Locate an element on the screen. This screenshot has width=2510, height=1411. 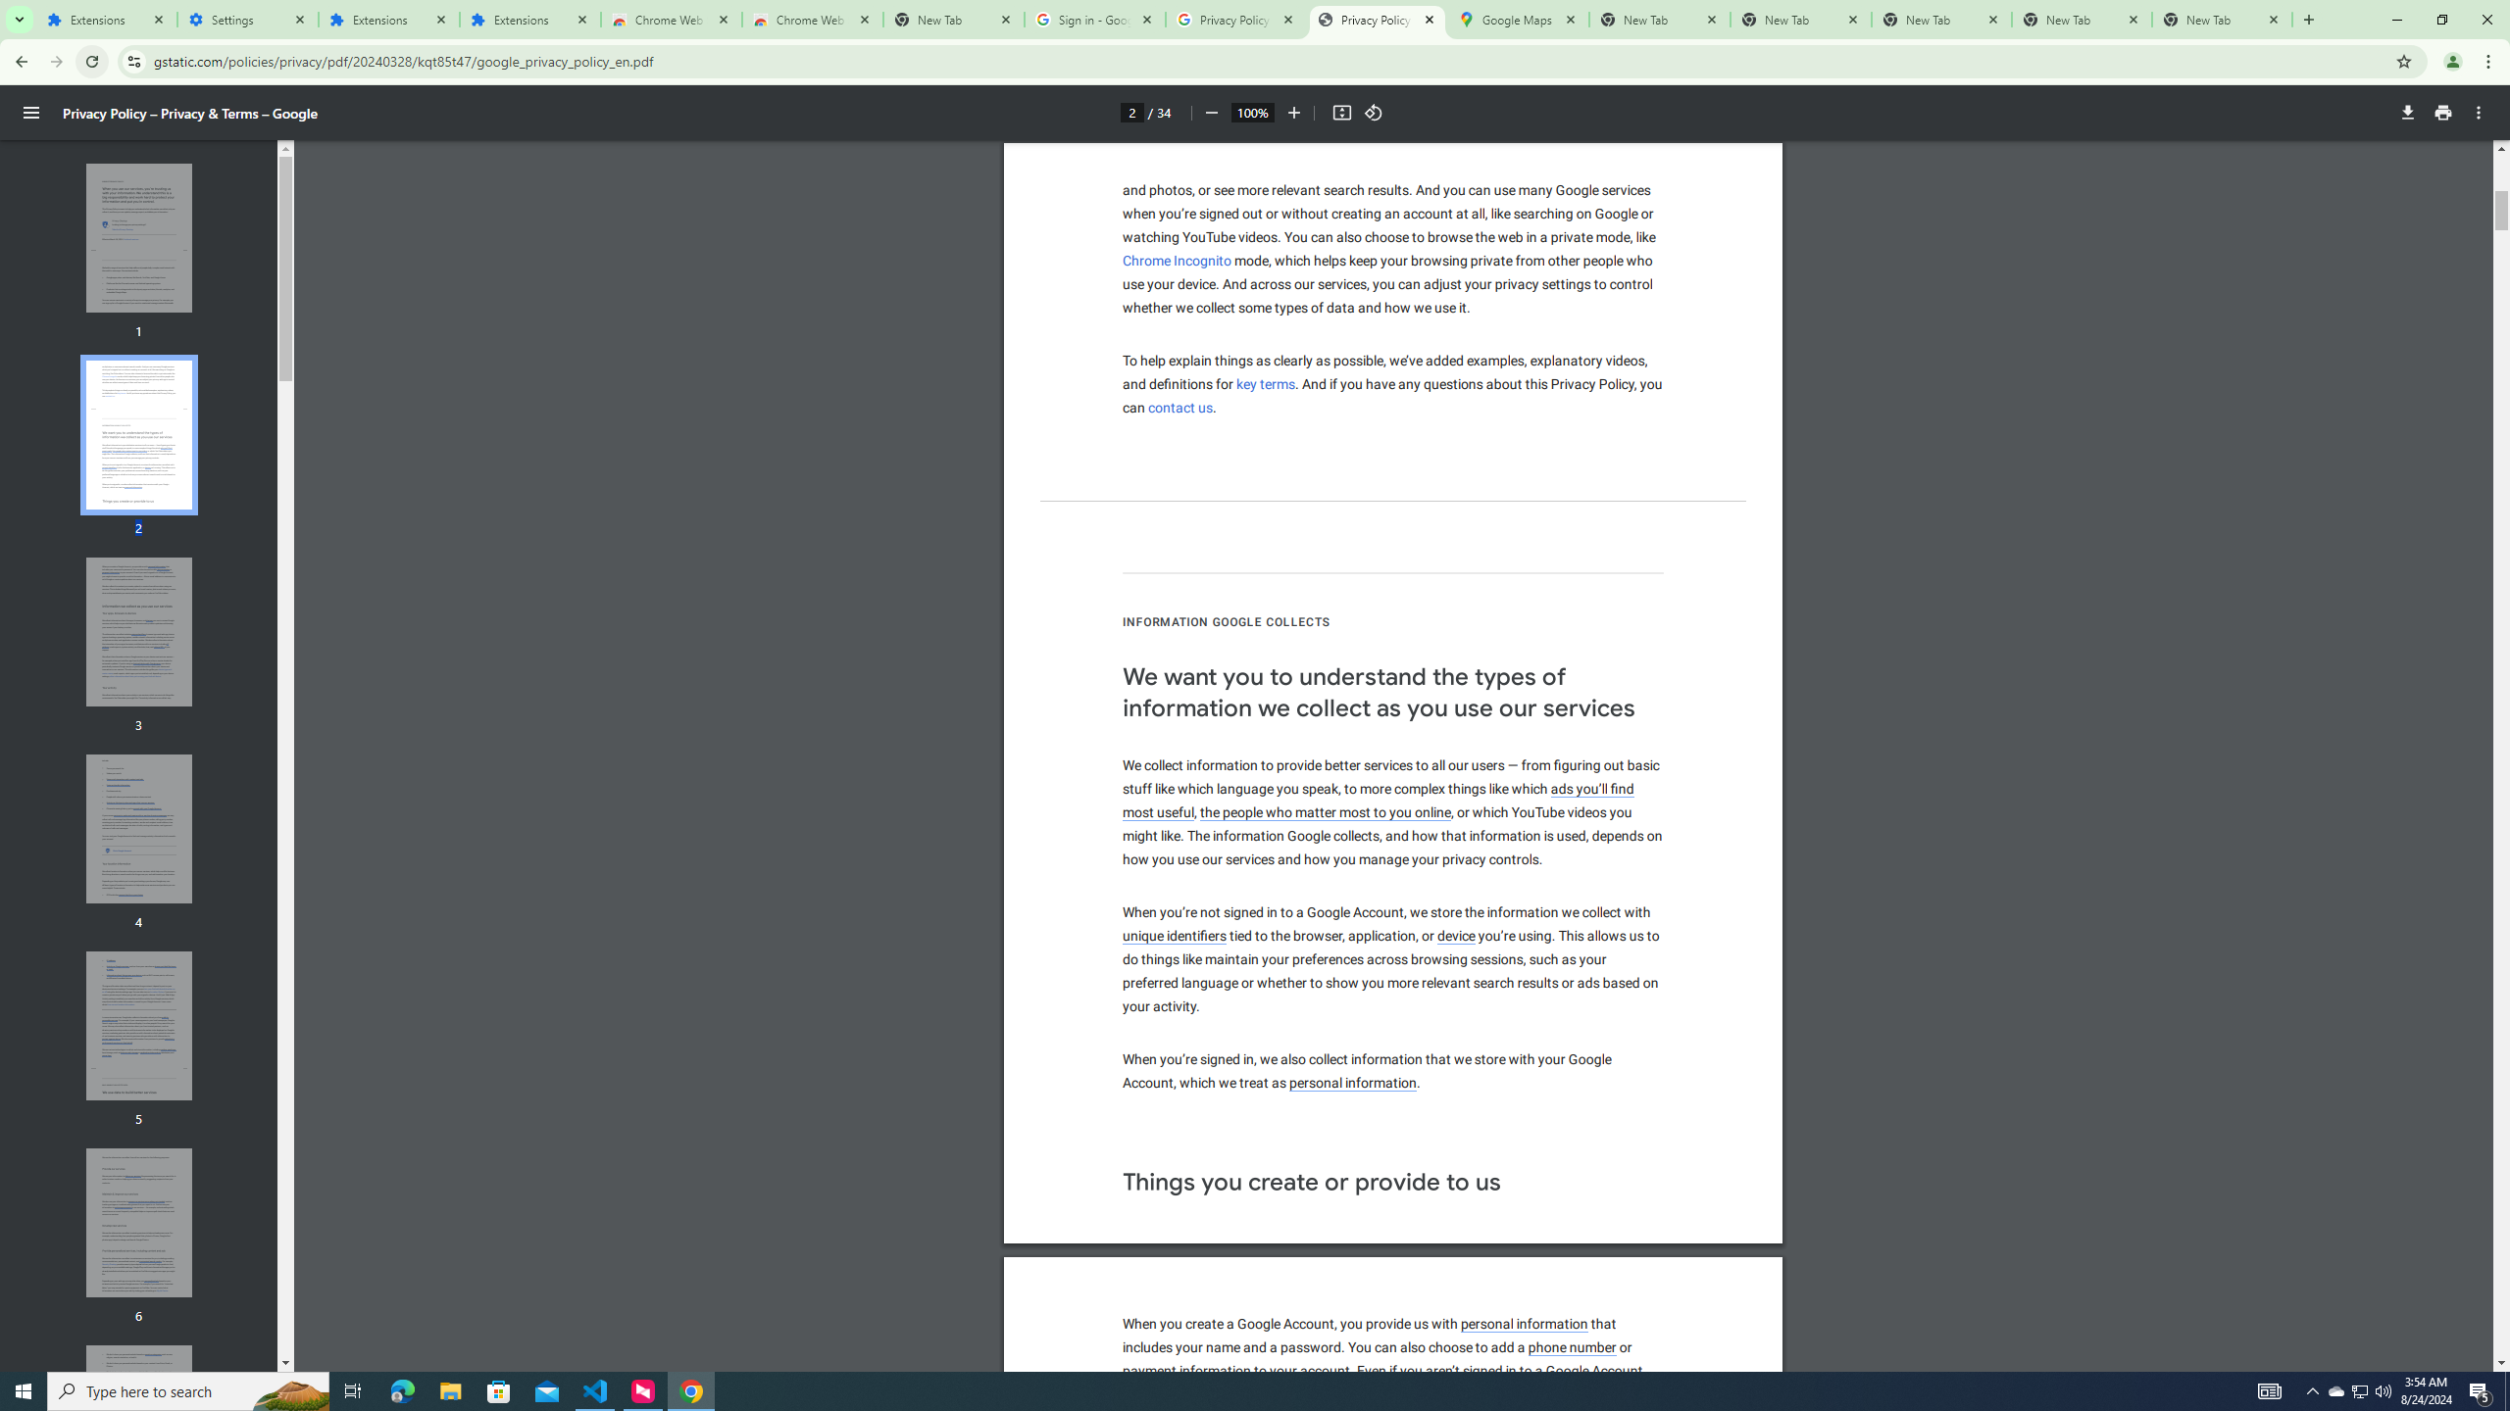
'Thumbnail for page 2' is located at coordinates (139, 435).